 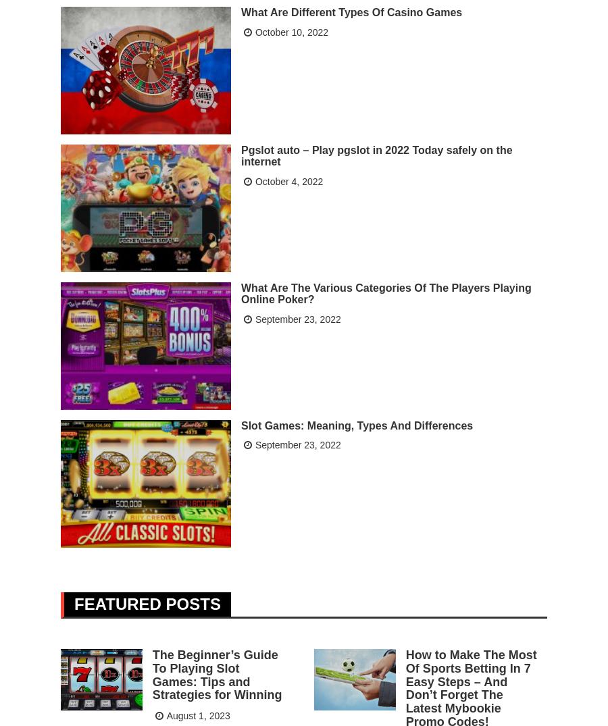 What do you see at coordinates (216, 673) in the screenshot?
I see `'The Beginner’s Guide To Playing Slot Games: Tips and Strategies for Winning'` at bounding box center [216, 673].